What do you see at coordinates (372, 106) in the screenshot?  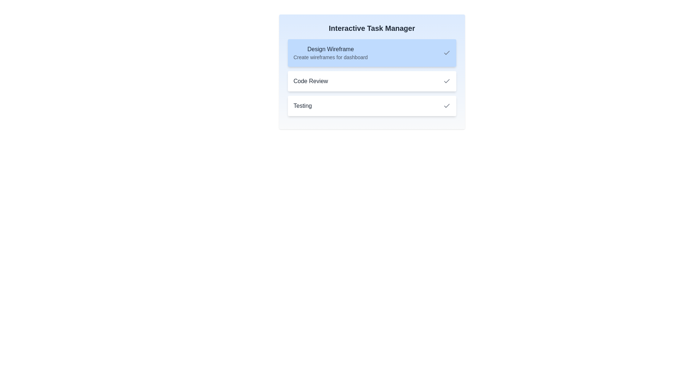 I see `the task 'Testing' to view its details` at bounding box center [372, 106].